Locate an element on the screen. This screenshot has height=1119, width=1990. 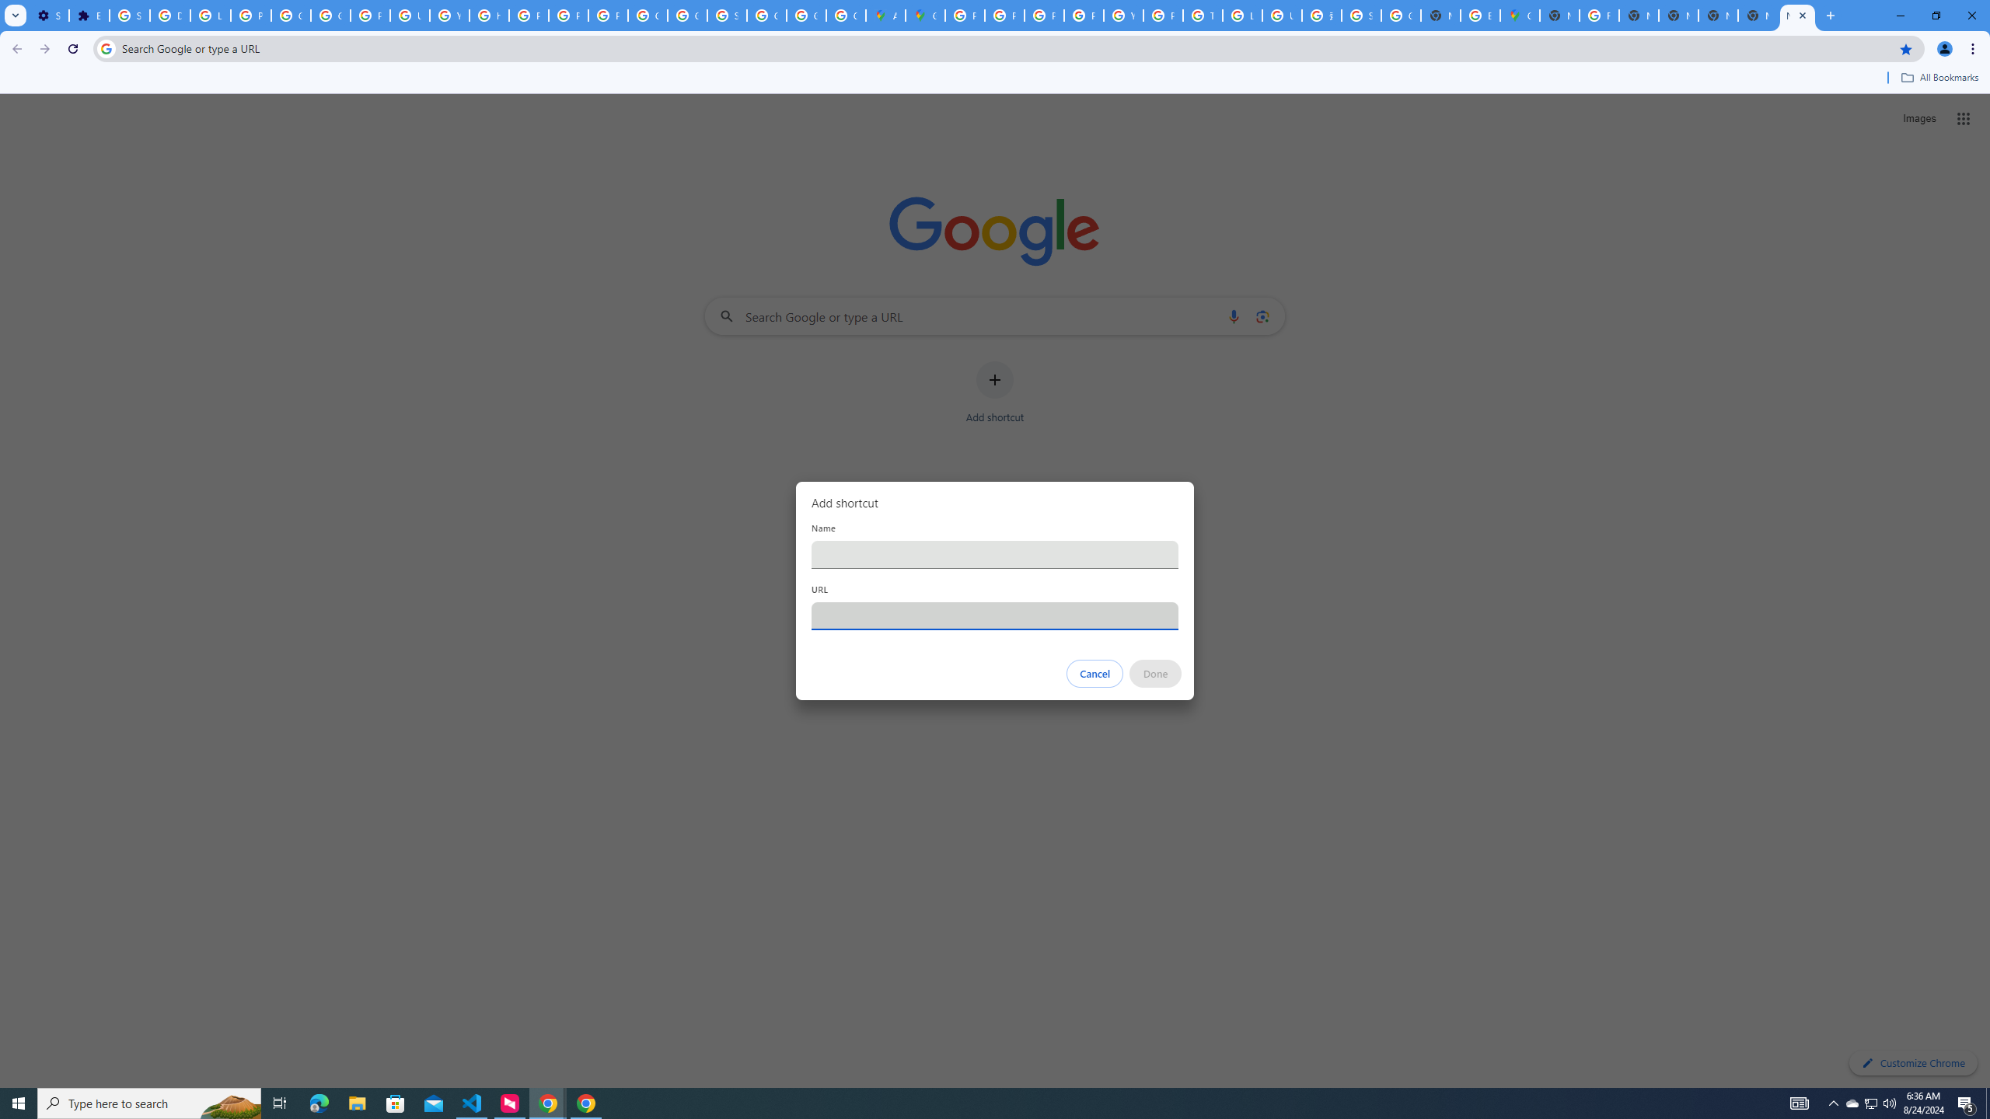
'Google Account Help' is located at coordinates (292, 15).